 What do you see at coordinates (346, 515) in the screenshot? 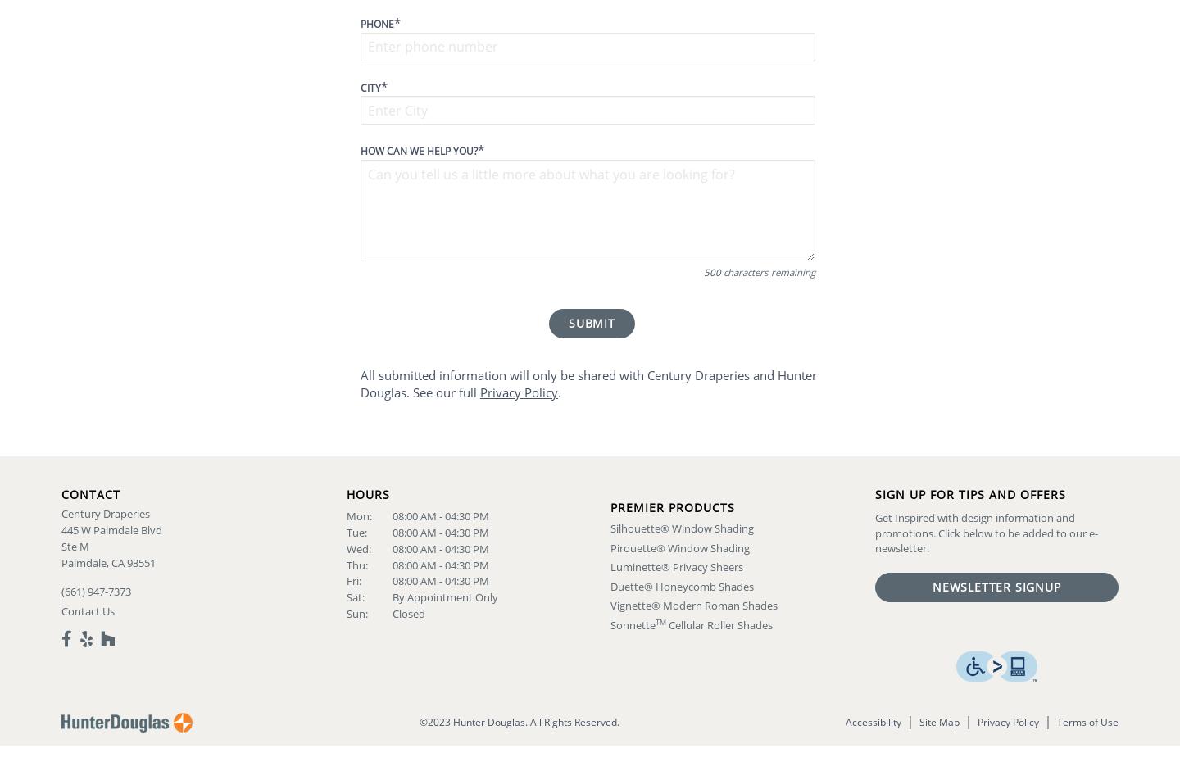
I see `'Mon:'` at bounding box center [346, 515].